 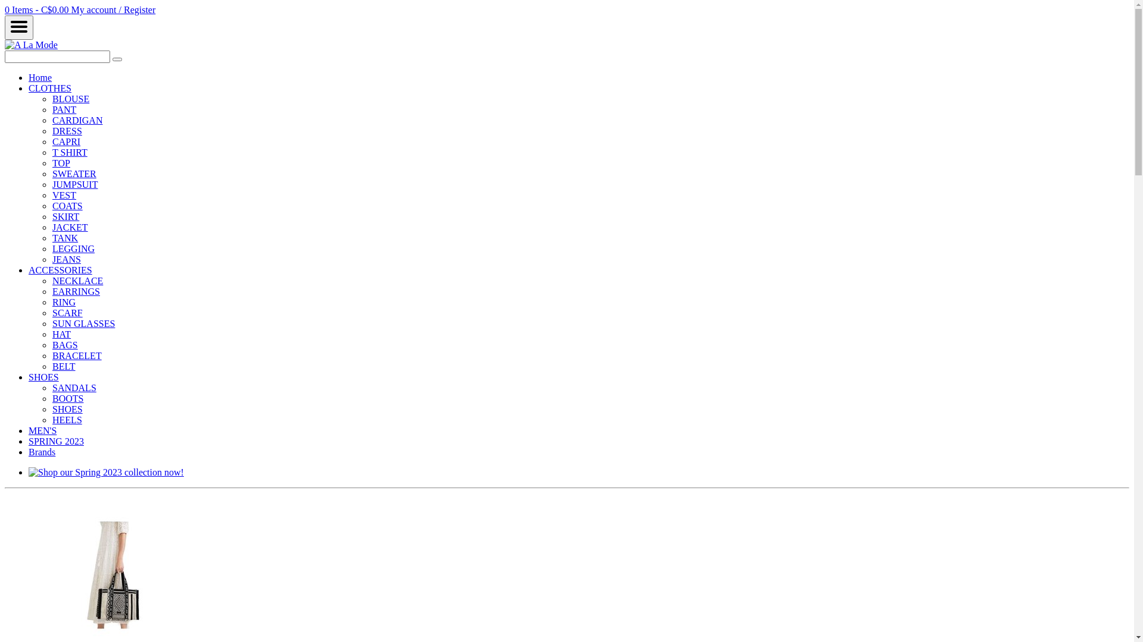 I want to click on '0 Items - C$0.00', so click(x=38, y=10).